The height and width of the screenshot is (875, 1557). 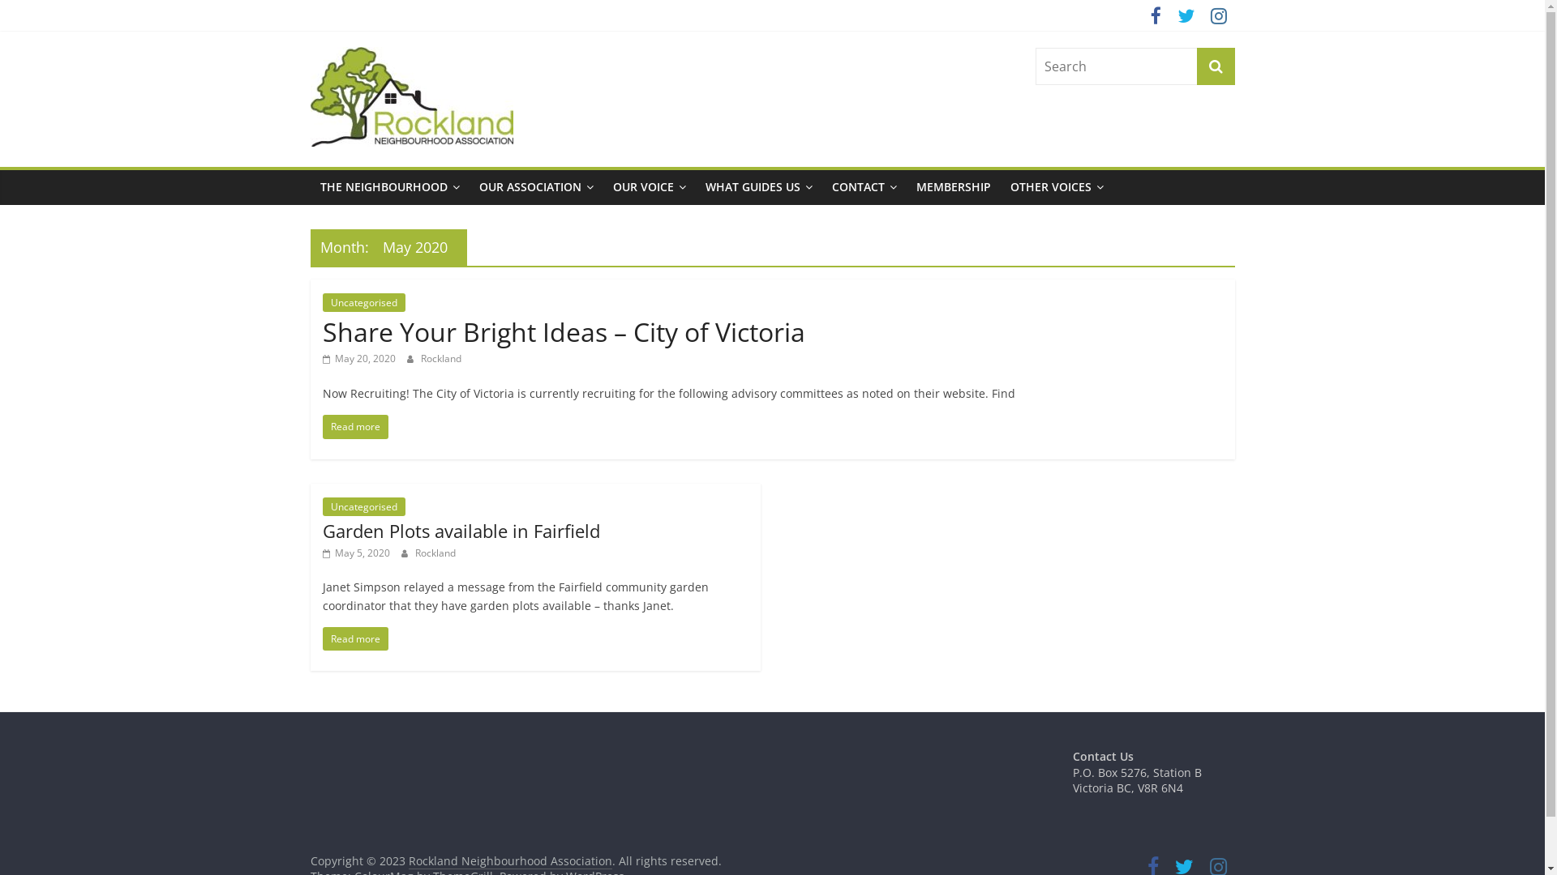 What do you see at coordinates (389, 186) in the screenshot?
I see `'THE NEIGHBOURHOOD'` at bounding box center [389, 186].